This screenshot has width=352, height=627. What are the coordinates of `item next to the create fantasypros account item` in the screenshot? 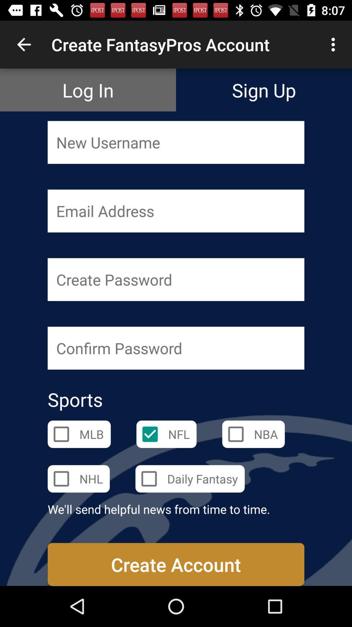 It's located at (23, 44).